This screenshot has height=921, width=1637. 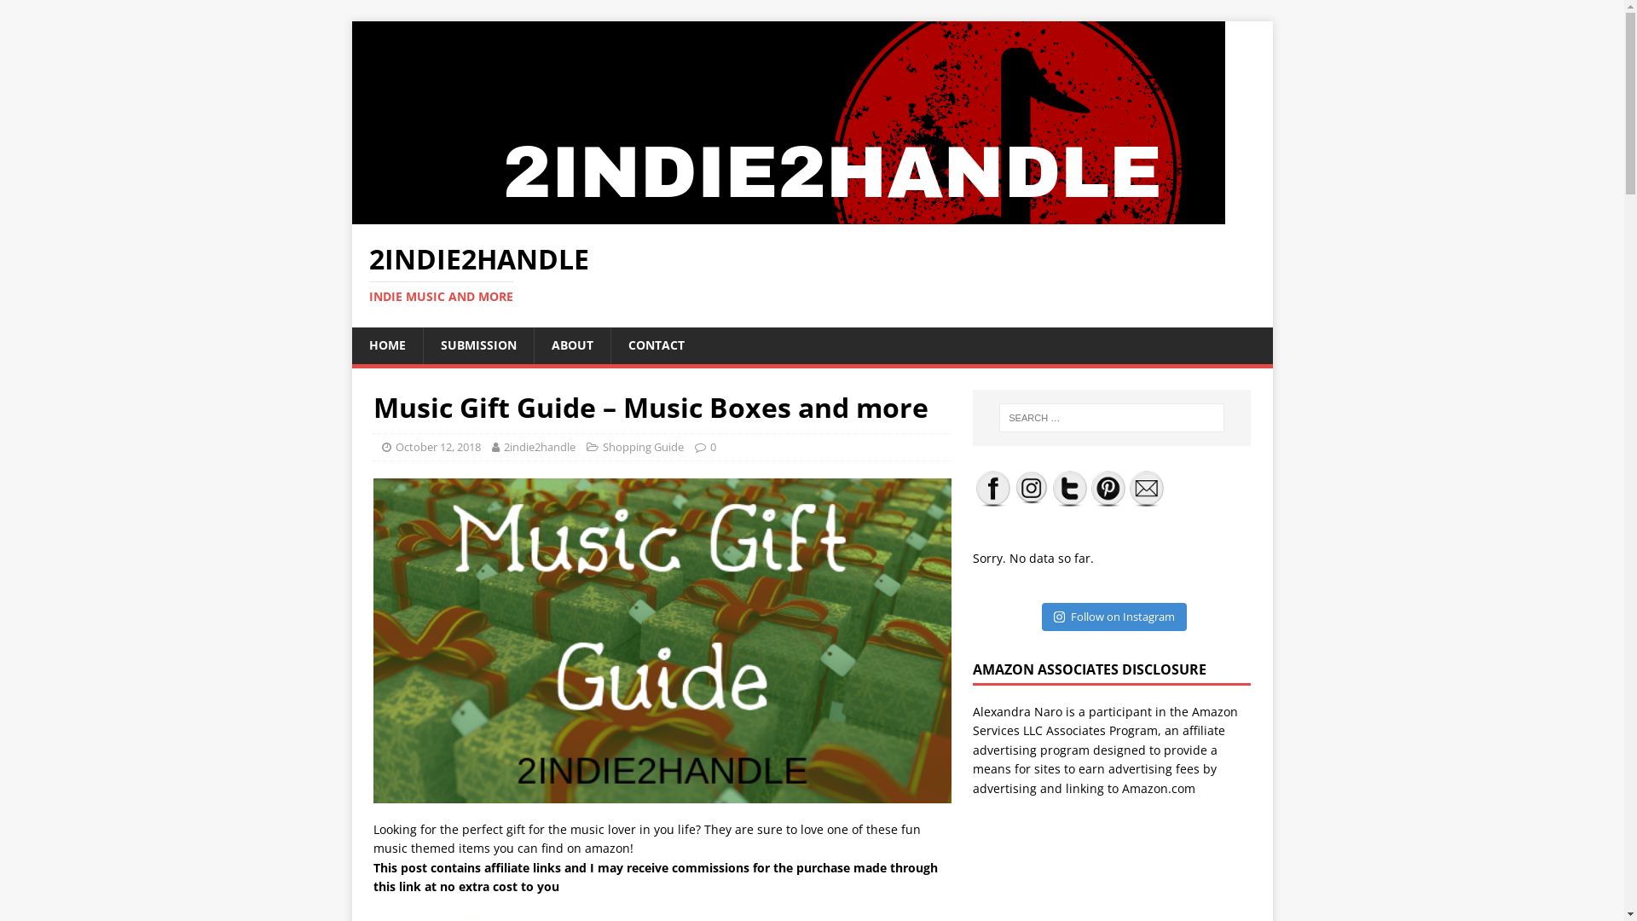 I want to click on 'Twitter', so click(x=1068, y=488).